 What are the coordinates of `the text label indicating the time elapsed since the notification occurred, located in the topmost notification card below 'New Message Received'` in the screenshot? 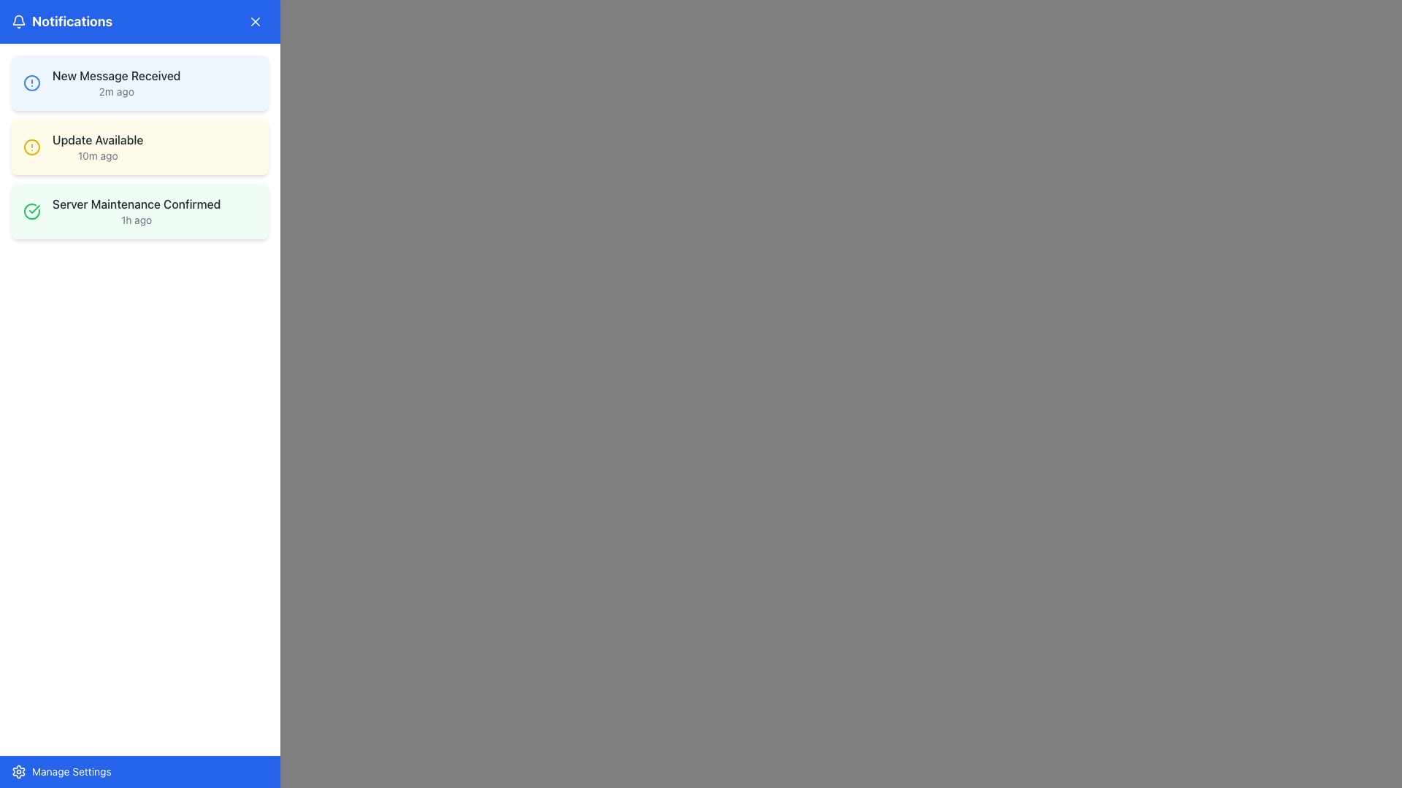 It's located at (115, 92).